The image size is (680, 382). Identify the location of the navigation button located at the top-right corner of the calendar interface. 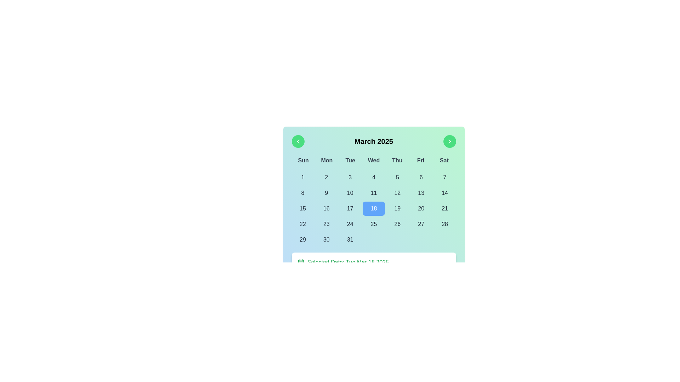
(449, 141).